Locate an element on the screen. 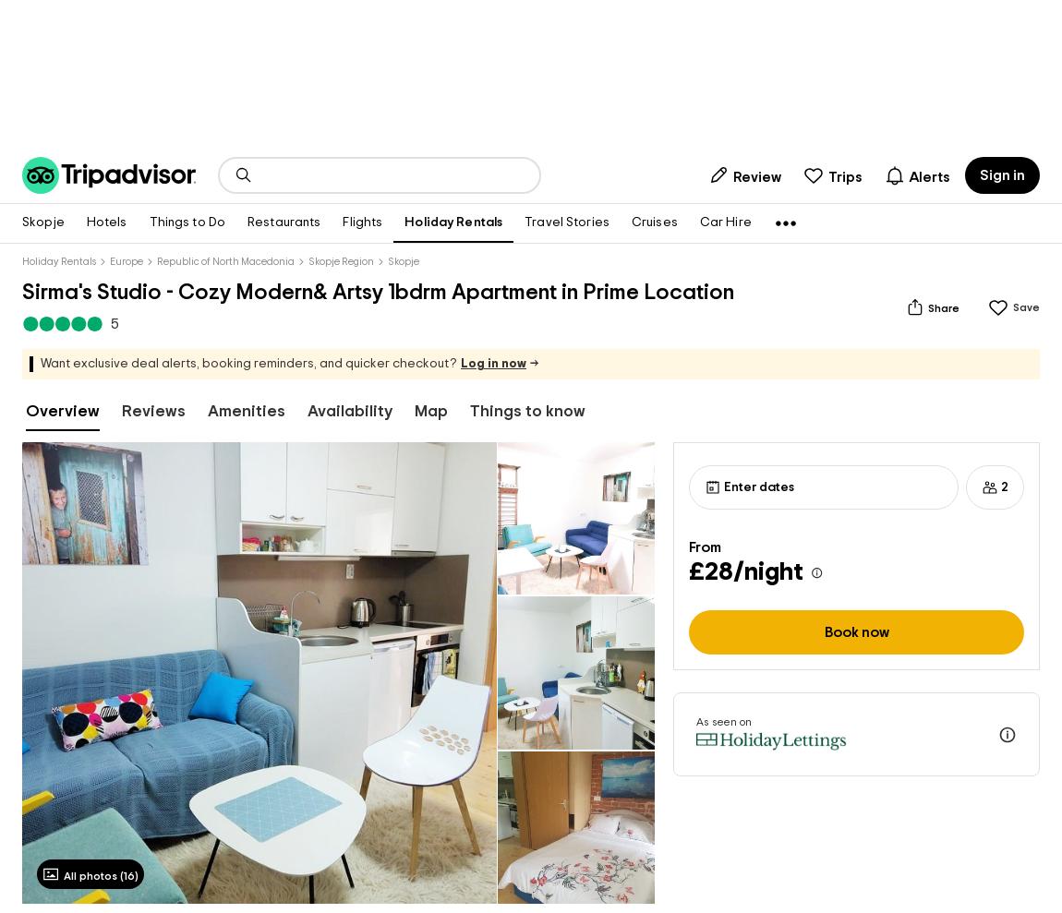 The height and width of the screenshot is (913, 1062). 'Want exclusive deal alerts, booking reminders, and quicker checkout?' is located at coordinates (247, 364).